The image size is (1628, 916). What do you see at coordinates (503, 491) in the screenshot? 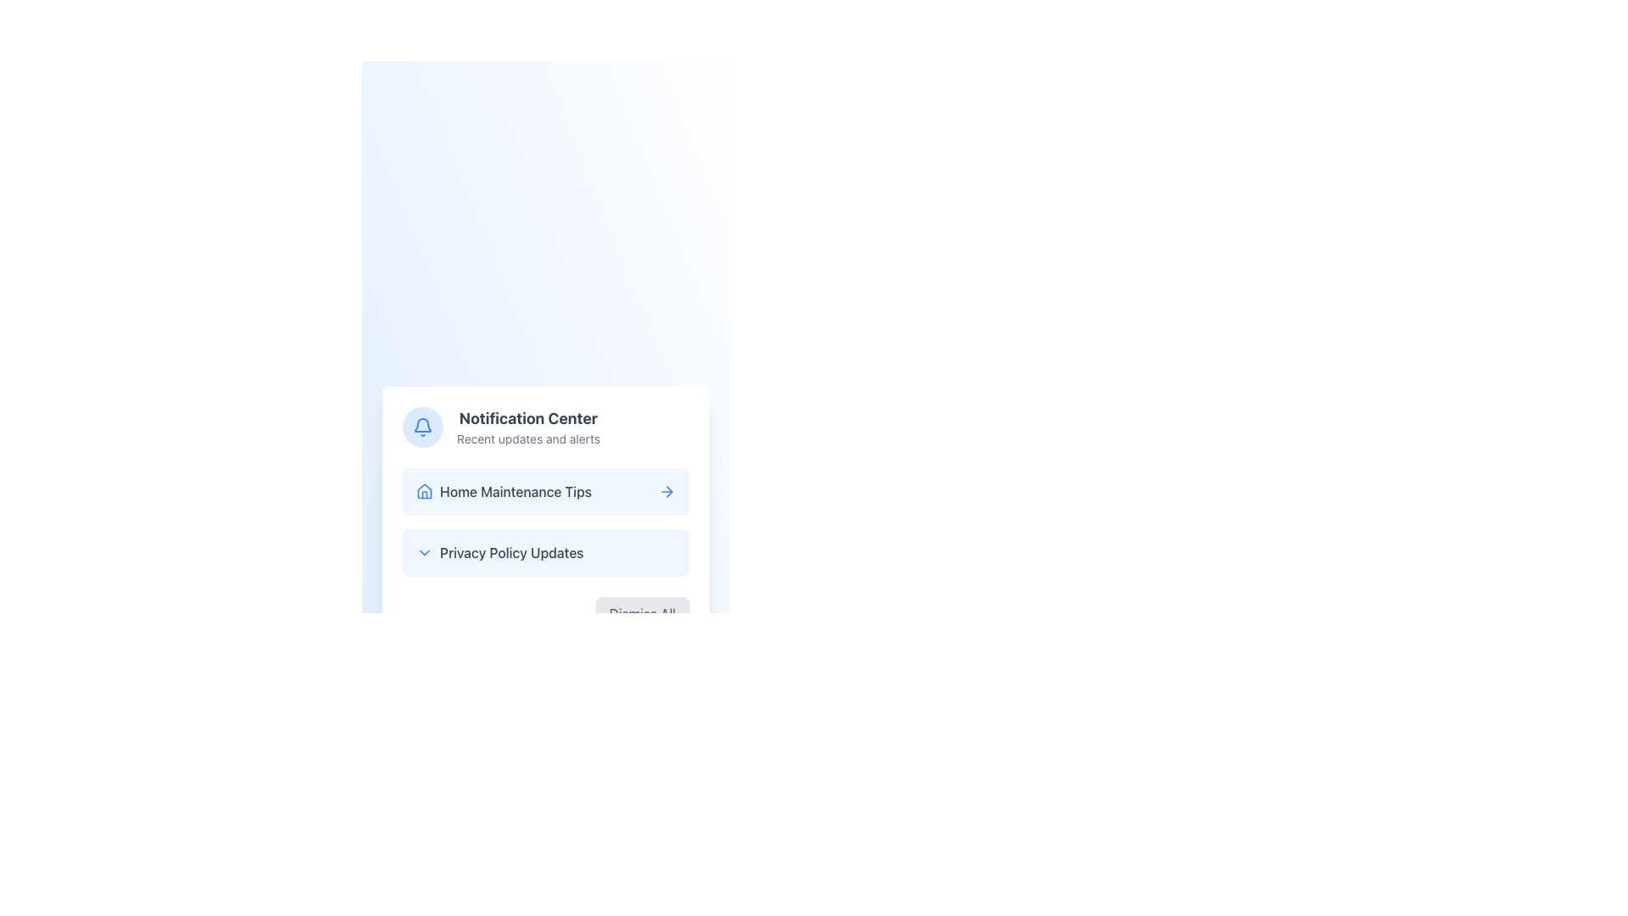
I see `the clickable list item with text and icon in the 'Notification Center' section` at bounding box center [503, 491].